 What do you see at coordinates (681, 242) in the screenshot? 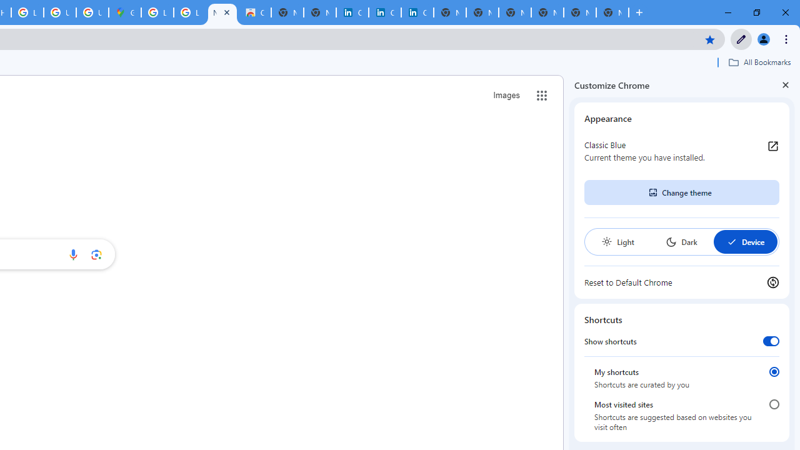
I see `'Dark'` at bounding box center [681, 242].